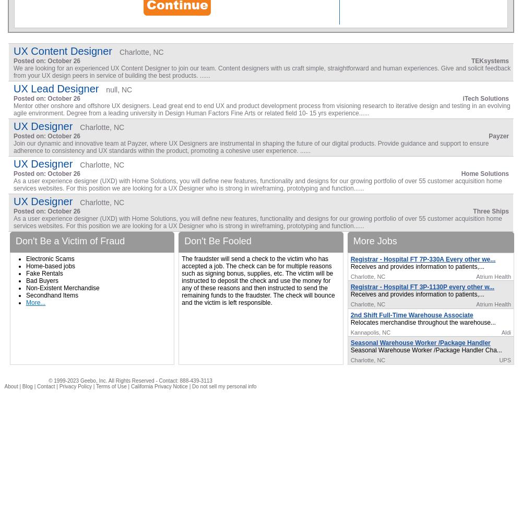 This screenshot has height=522, width=522. I want to click on 'null, NC', so click(118, 90).